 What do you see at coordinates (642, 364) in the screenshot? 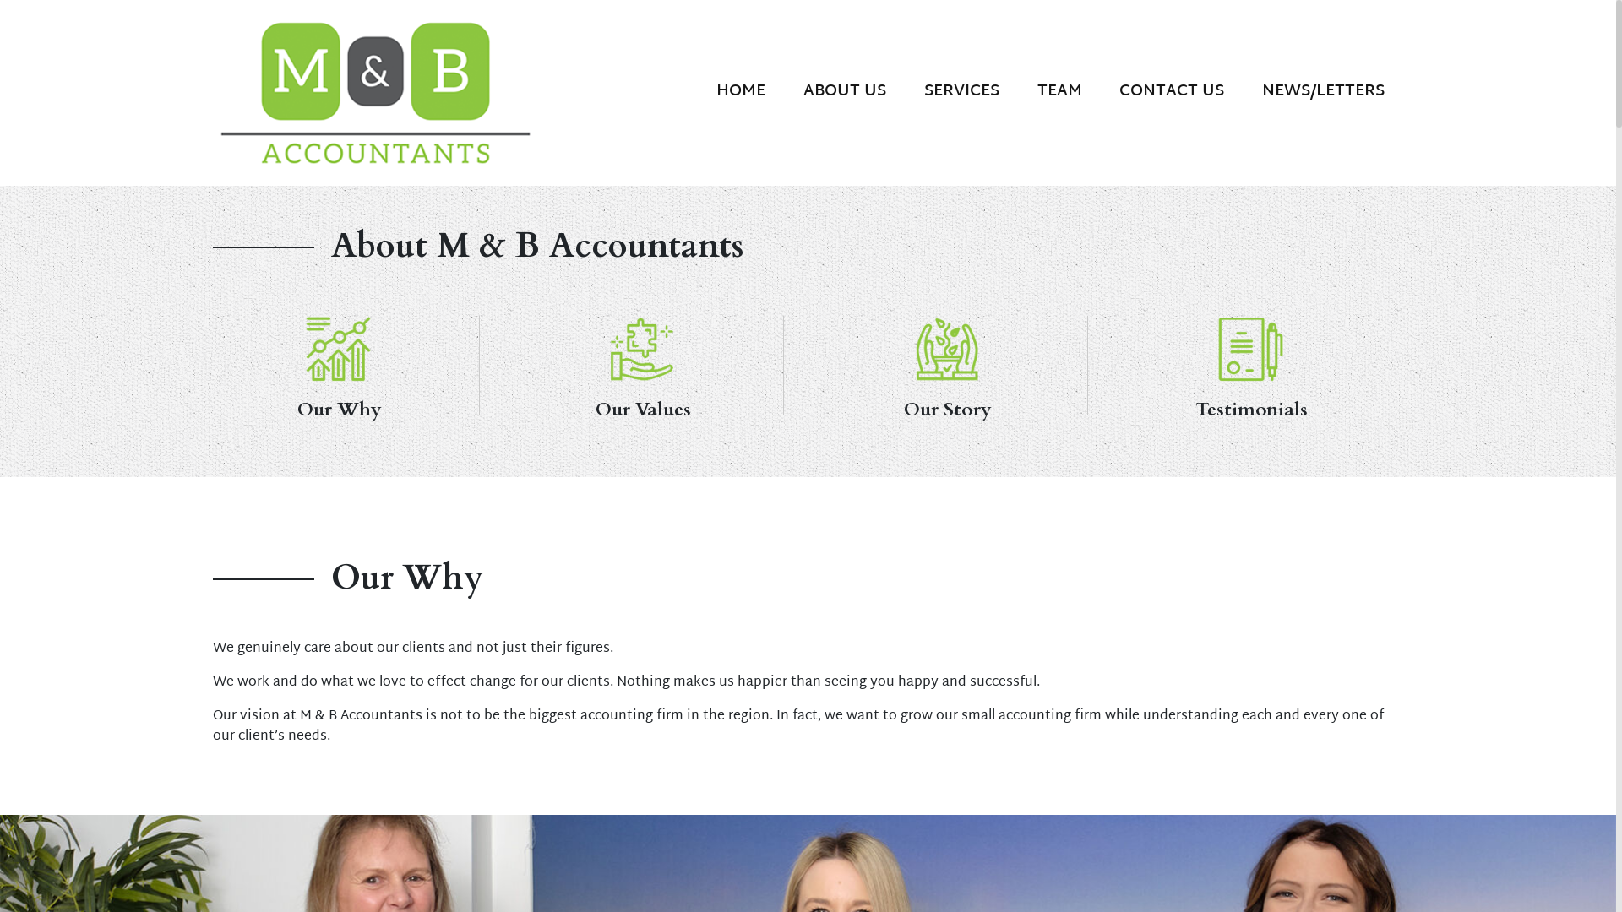
I see `'Our Values'` at bounding box center [642, 364].